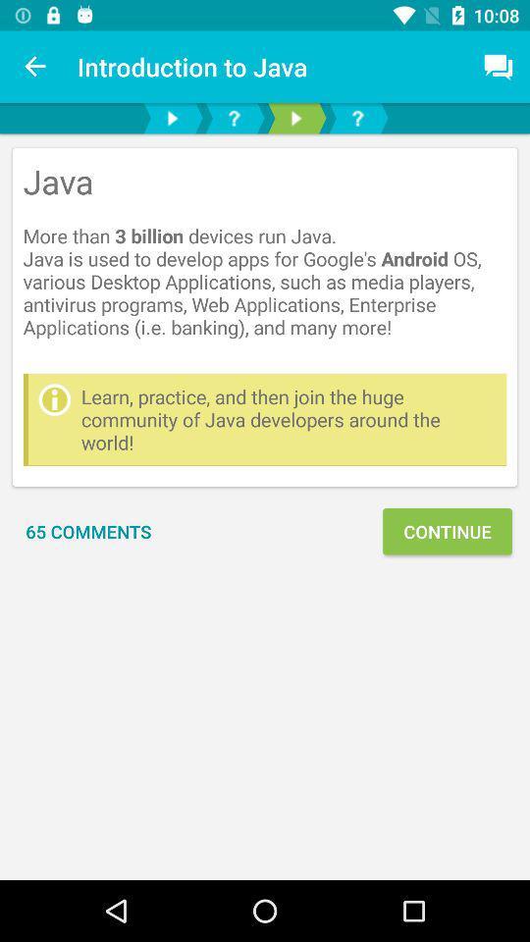 Image resolution: width=530 pixels, height=942 pixels. Describe the element at coordinates (172, 118) in the screenshot. I see `press play` at that location.